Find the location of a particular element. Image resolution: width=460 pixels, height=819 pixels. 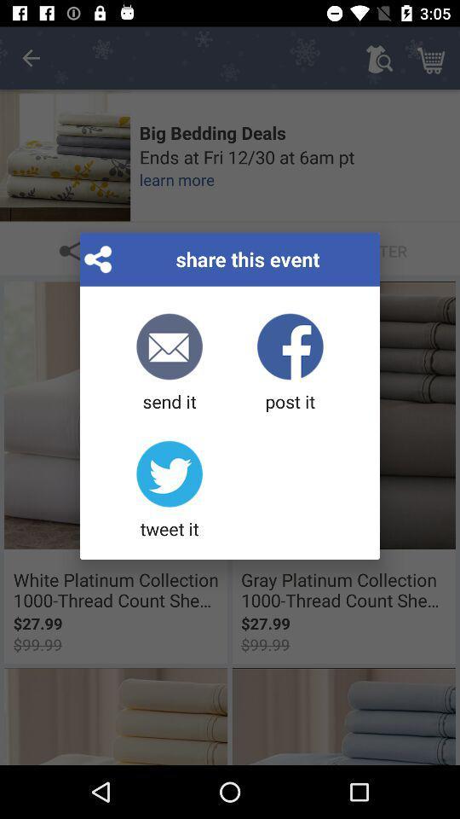

the tweet it icon is located at coordinates (170, 491).